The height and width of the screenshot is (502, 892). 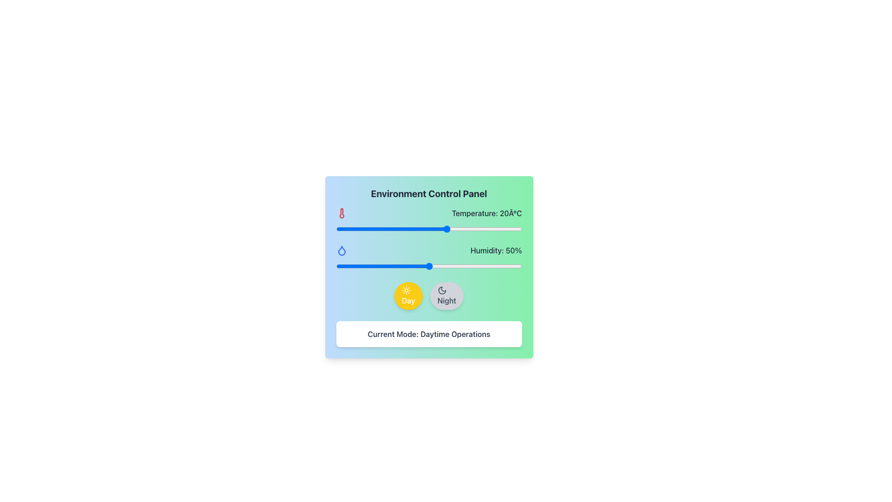 I want to click on the crescent moon icon within the circular button labeled 'Night', so click(x=441, y=290).